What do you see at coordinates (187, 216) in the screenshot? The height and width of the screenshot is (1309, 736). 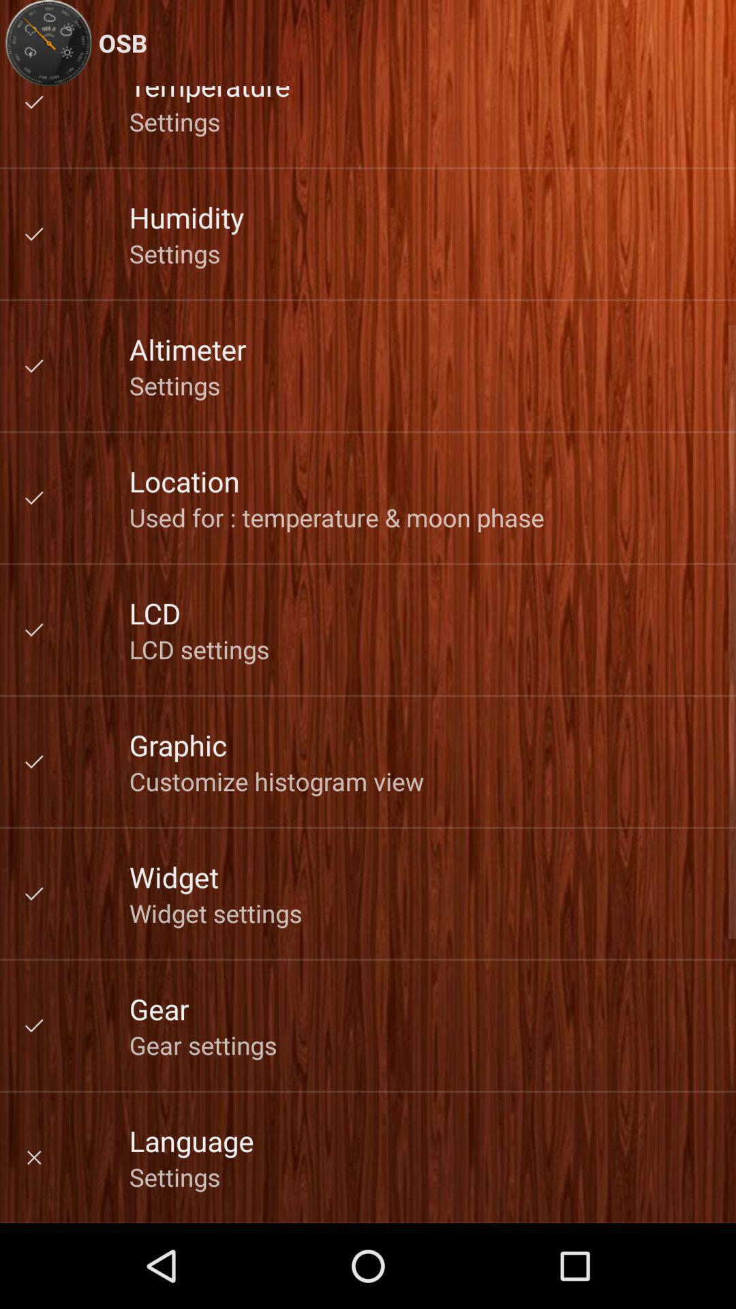 I see `the humidity item` at bounding box center [187, 216].